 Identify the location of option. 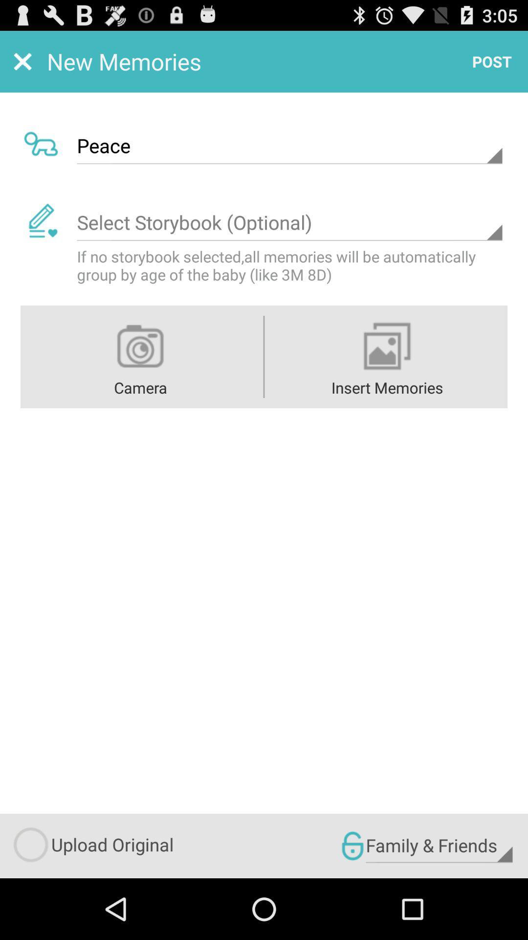
(289, 222).